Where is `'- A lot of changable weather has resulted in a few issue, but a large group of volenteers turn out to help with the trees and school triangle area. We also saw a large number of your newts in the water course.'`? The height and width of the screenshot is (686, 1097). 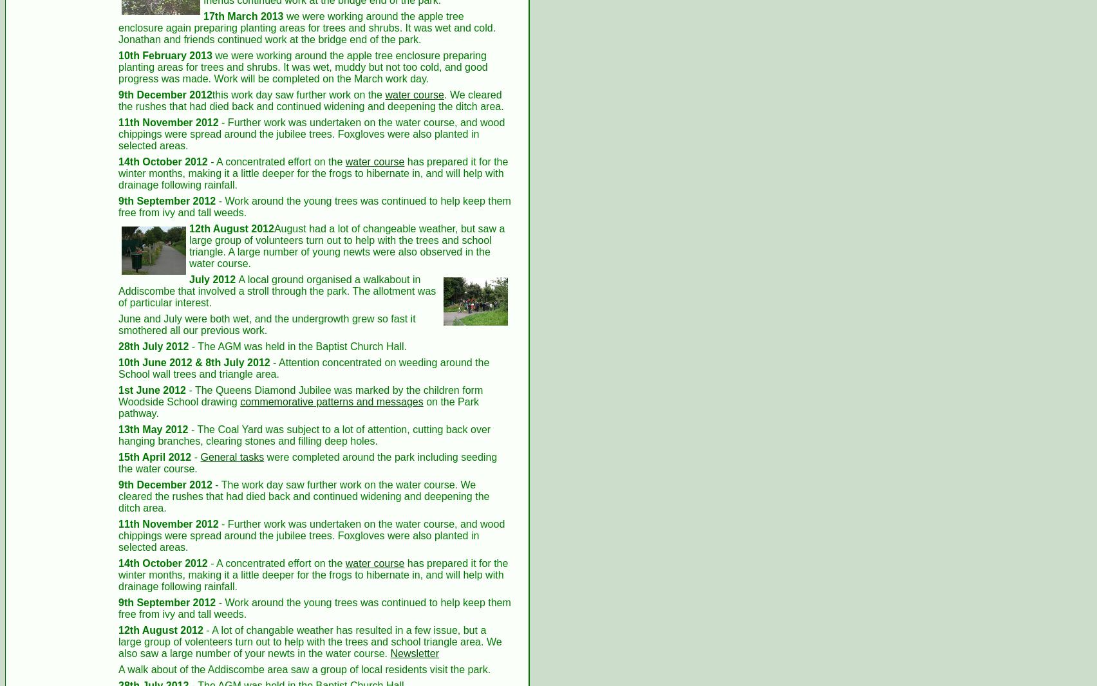
'- A lot of changable weather has resulted in a few issue, but a large group of volenteers turn out to help with the trees and school triangle area. We also saw a large number of your newts in the water course.' is located at coordinates (310, 642).